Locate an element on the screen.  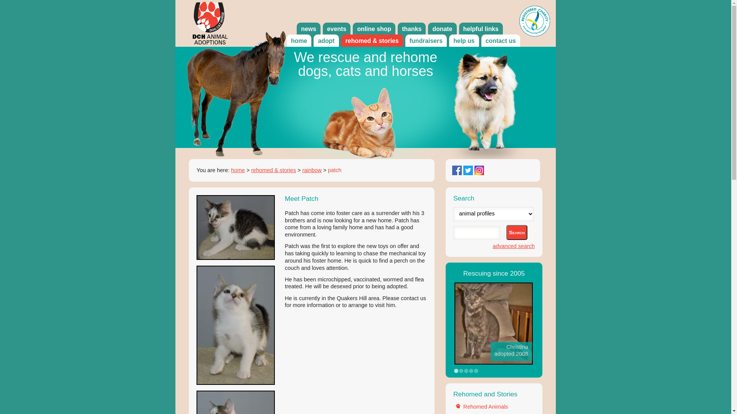
'Rehomed Animals' is located at coordinates (485, 406).